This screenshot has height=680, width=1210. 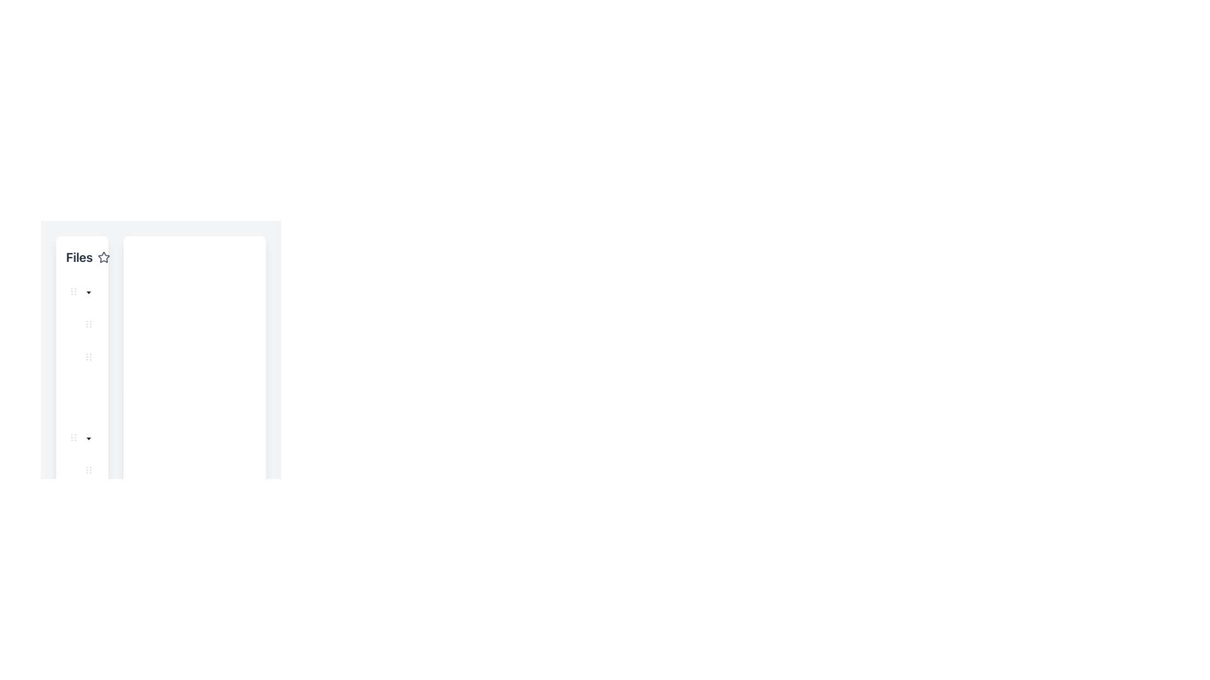 I want to click on the dropdown toggle button icon, which is a small triangular icon pointing downward located in the sidebar of the collapsible tree structure menu, so click(x=88, y=293).